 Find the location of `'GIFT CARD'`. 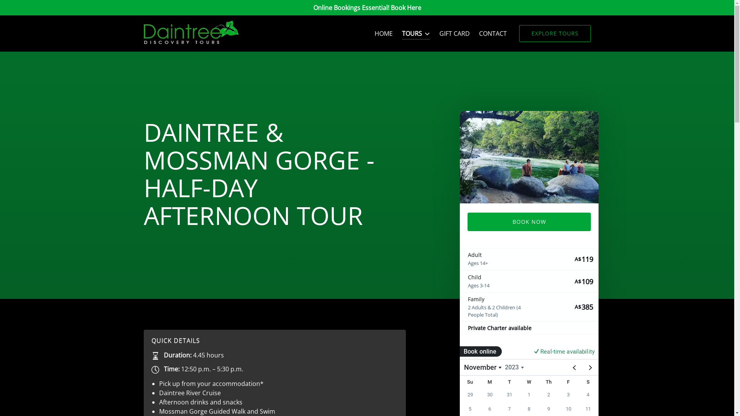

'GIFT CARD' is located at coordinates (454, 33).